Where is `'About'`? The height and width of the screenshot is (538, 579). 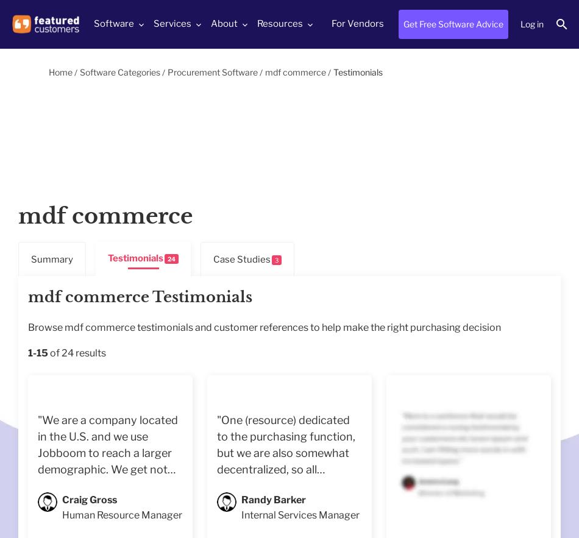
'About' is located at coordinates (224, 23).